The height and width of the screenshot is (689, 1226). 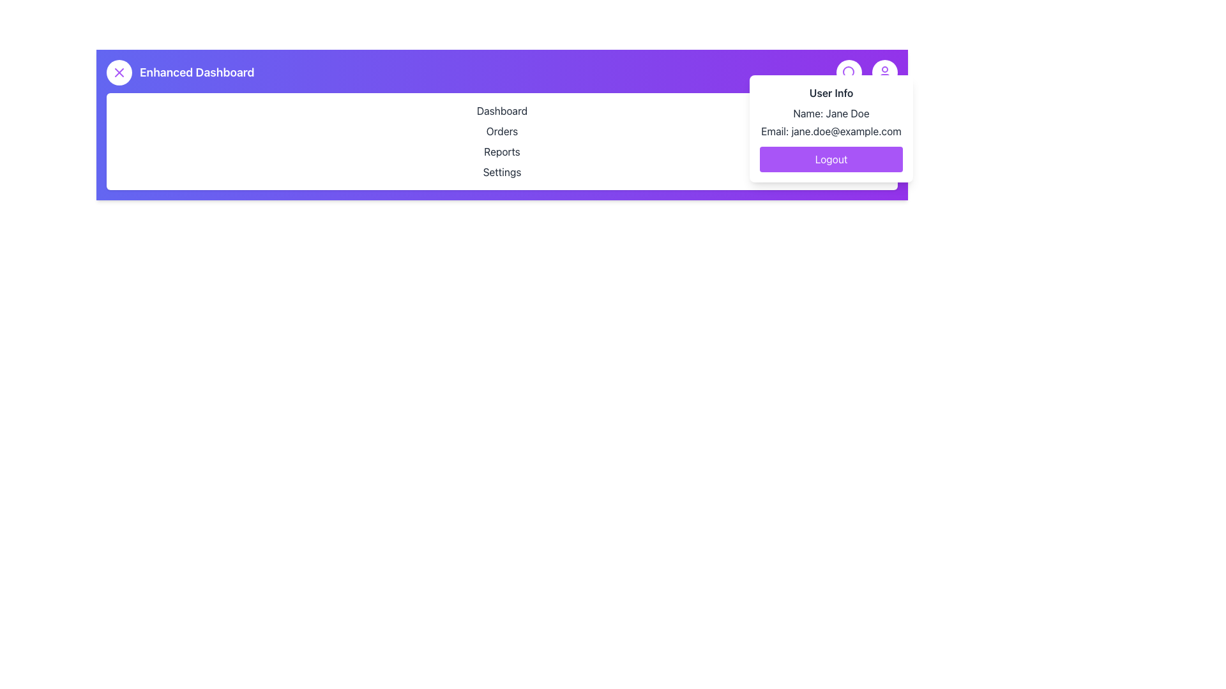 What do you see at coordinates (849, 73) in the screenshot?
I see `the search icon represented by a magnifying glass graphic, which is centered within a white circular button with a purple border, located at the top right of the panel` at bounding box center [849, 73].